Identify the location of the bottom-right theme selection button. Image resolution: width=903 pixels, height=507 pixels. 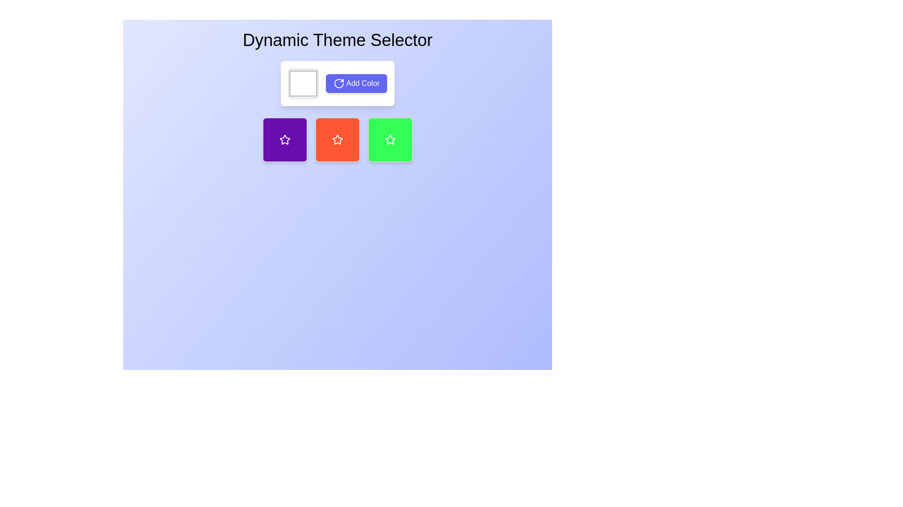
(390, 139).